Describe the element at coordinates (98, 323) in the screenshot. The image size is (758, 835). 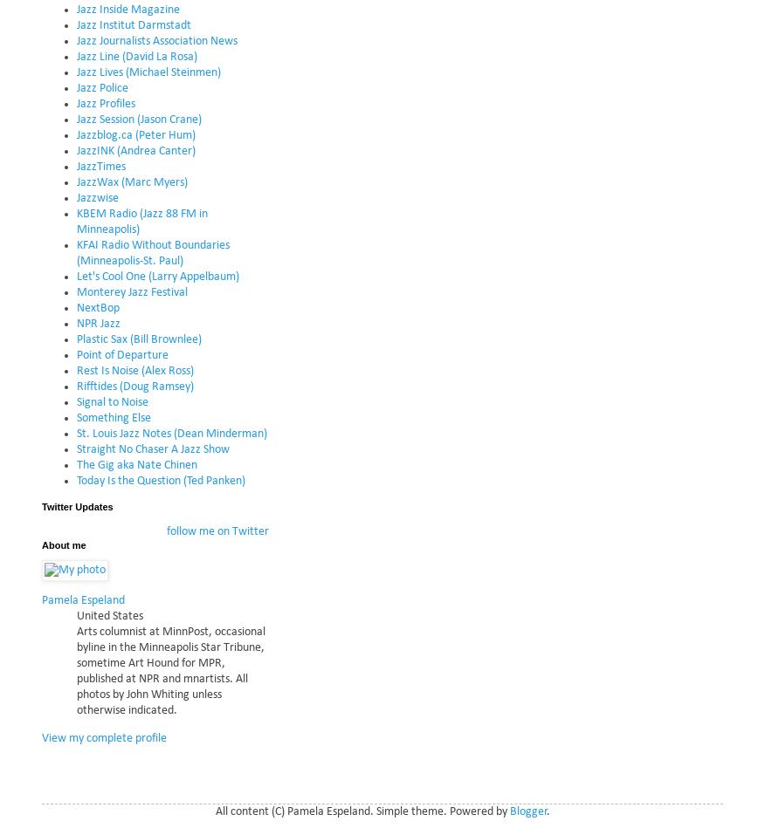
I see `'NPR Jazz'` at that location.